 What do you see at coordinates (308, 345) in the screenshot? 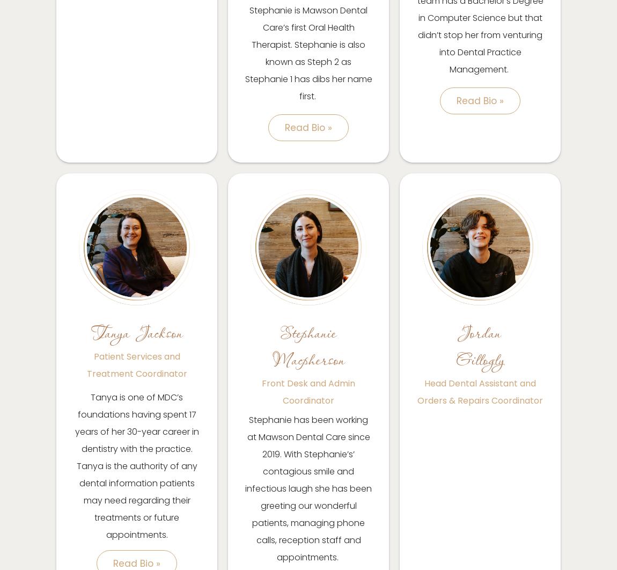
I see `'Stephanie Macpherson'` at bounding box center [308, 345].